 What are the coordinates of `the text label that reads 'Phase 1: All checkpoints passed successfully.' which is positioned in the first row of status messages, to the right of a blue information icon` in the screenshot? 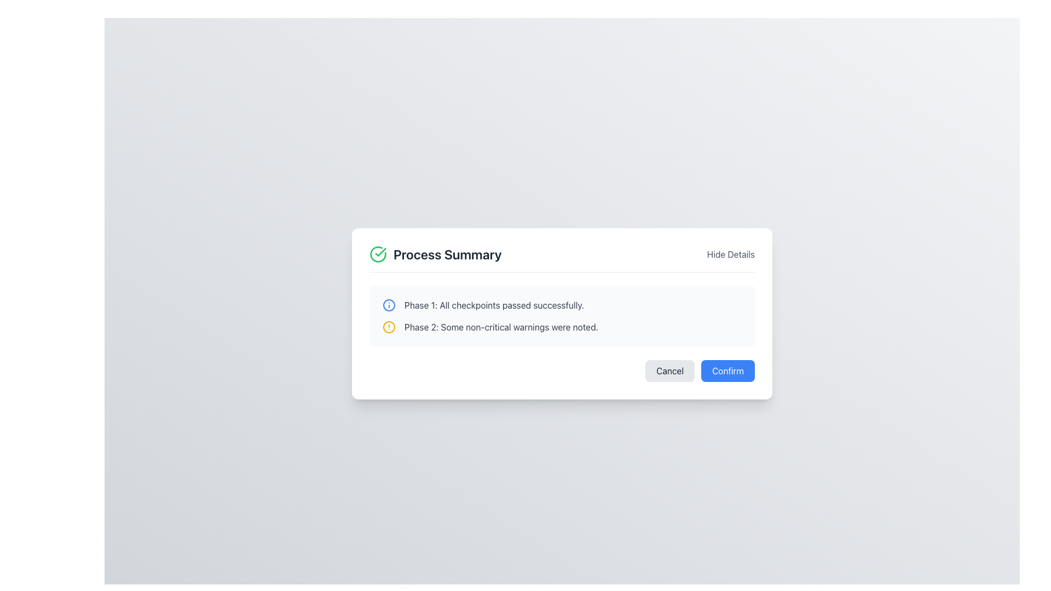 It's located at (493, 305).